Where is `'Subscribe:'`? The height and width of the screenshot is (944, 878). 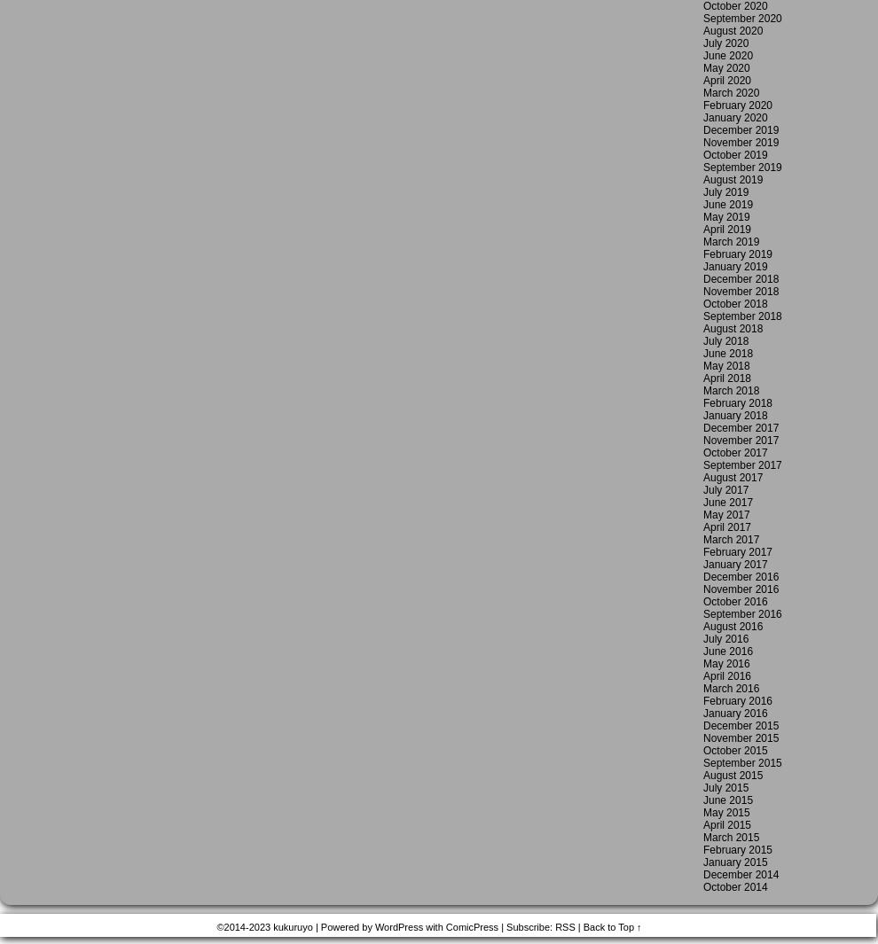
'Subscribe:' is located at coordinates (528, 927).